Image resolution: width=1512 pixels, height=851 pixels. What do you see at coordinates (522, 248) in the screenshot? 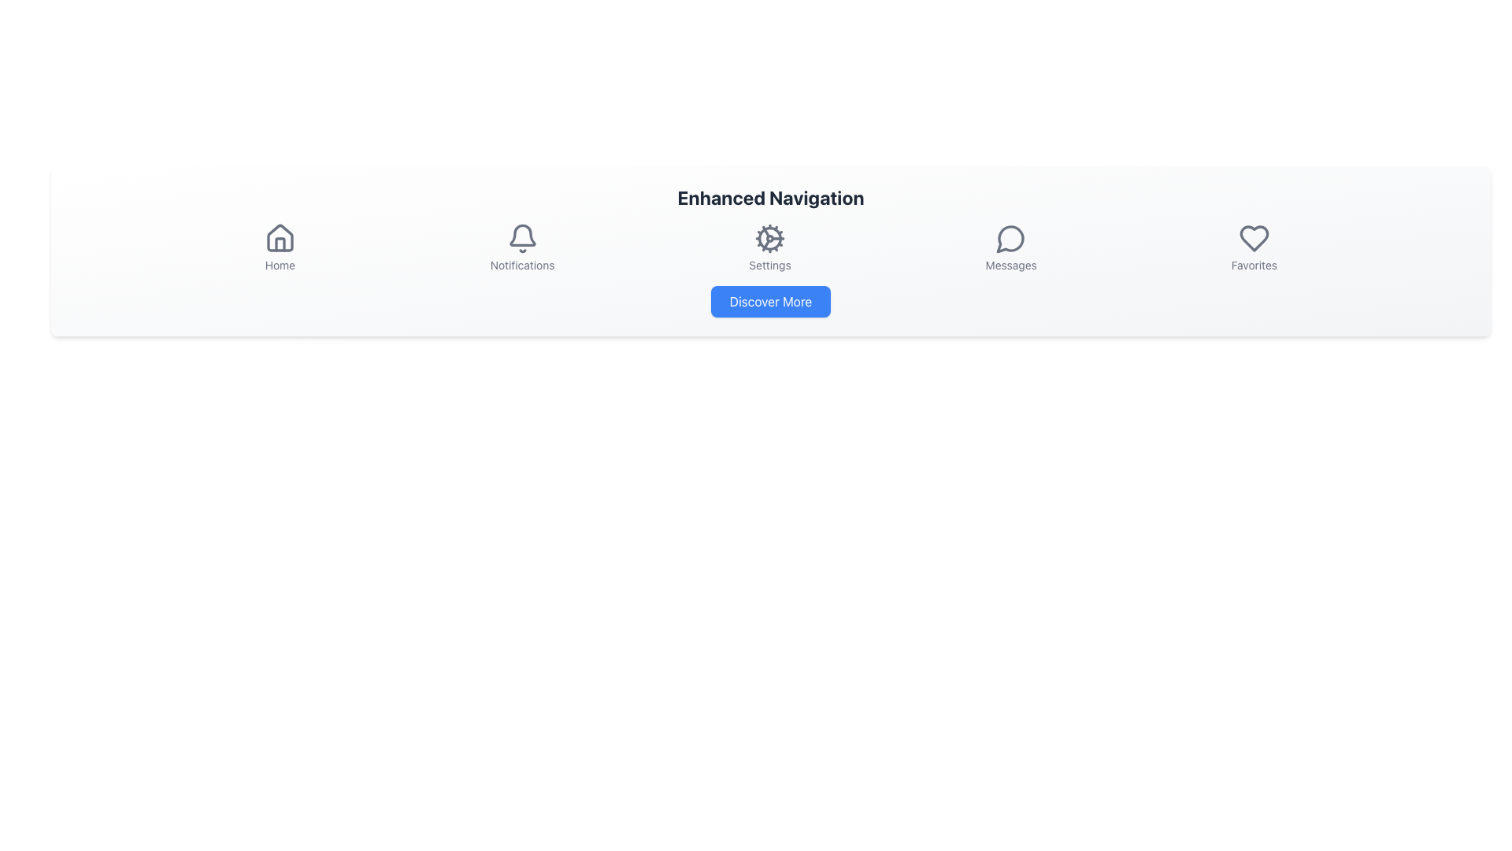
I see `the bell-shaped notification icon with the text 'Notifications' beneath it` at bounding box center [522, 248].